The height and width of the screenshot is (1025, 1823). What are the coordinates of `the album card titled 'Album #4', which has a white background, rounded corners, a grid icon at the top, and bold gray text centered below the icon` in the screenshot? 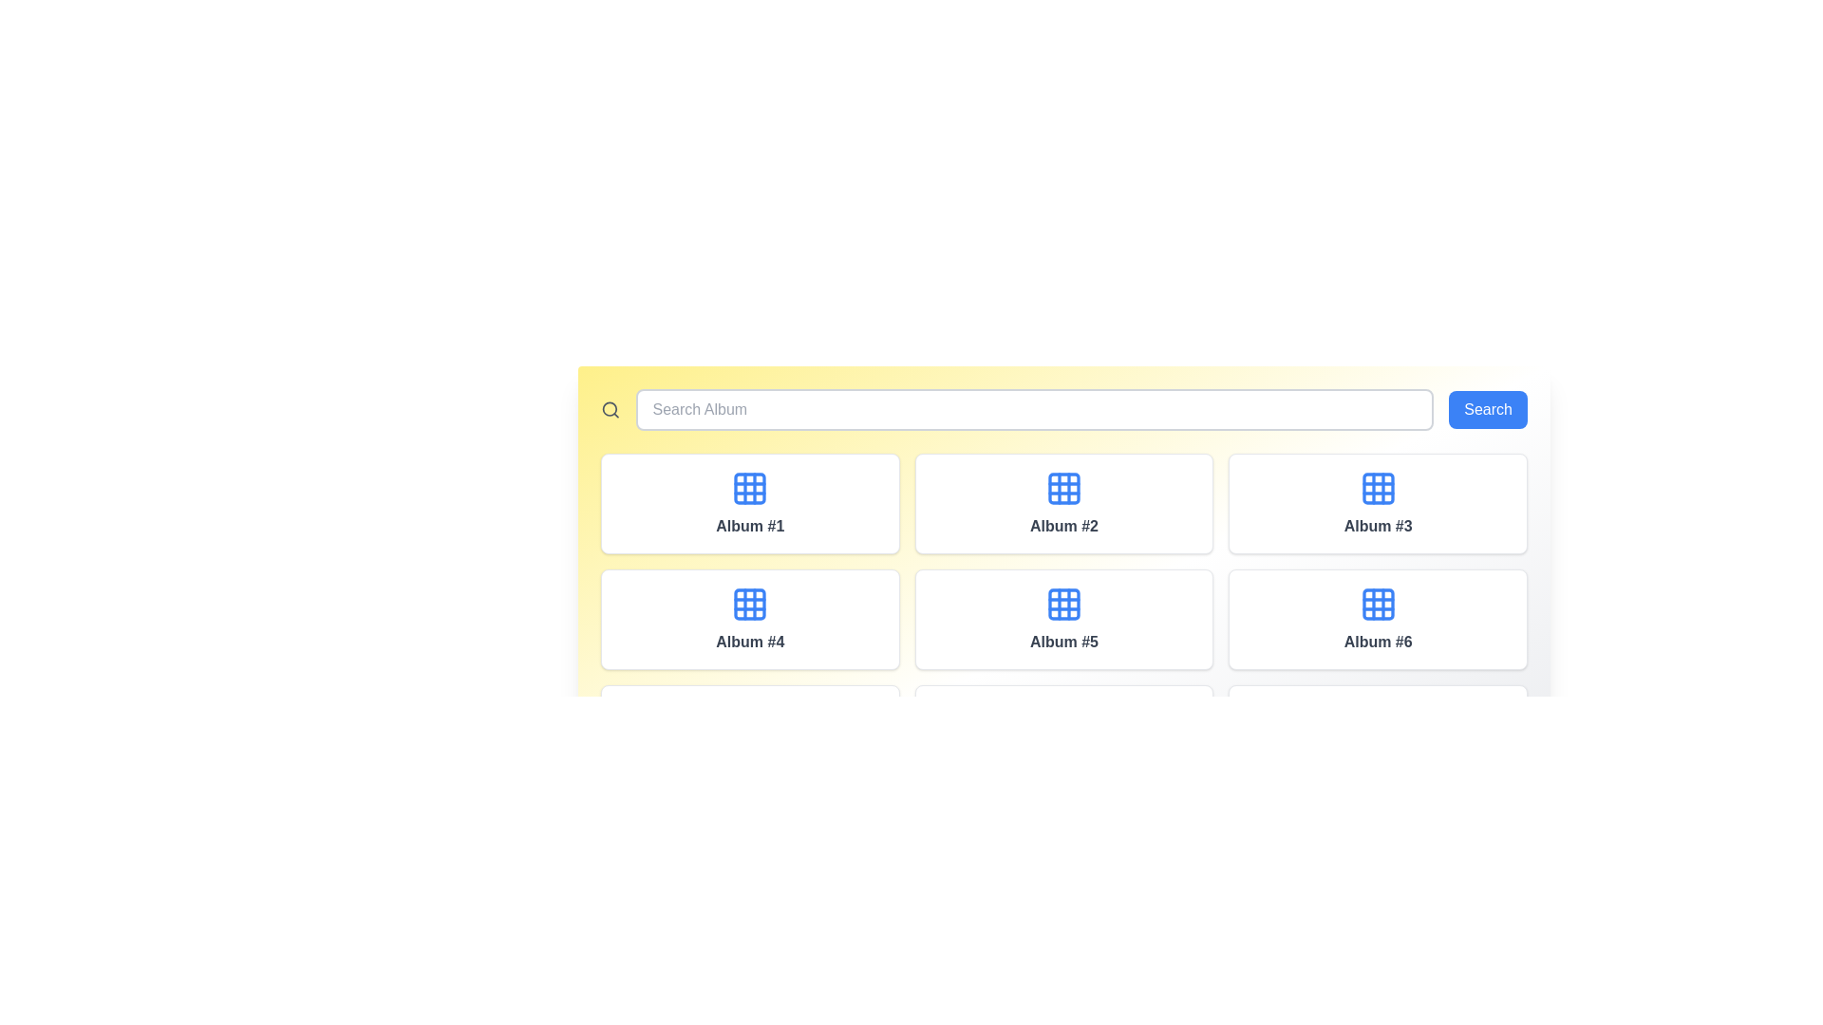 It's located at (749, 619).